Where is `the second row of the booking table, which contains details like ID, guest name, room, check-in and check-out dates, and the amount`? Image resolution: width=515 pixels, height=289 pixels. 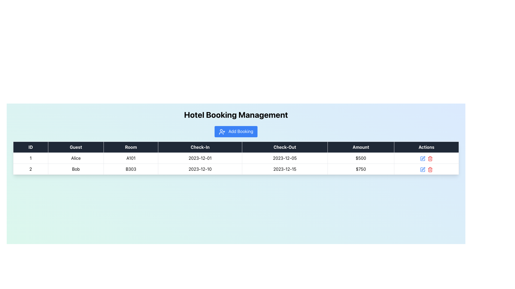 the second row of the booking table, which contains details like ID, guest name, room, check-in and check-out dates, and the amount is located at coordinates (236, 169).